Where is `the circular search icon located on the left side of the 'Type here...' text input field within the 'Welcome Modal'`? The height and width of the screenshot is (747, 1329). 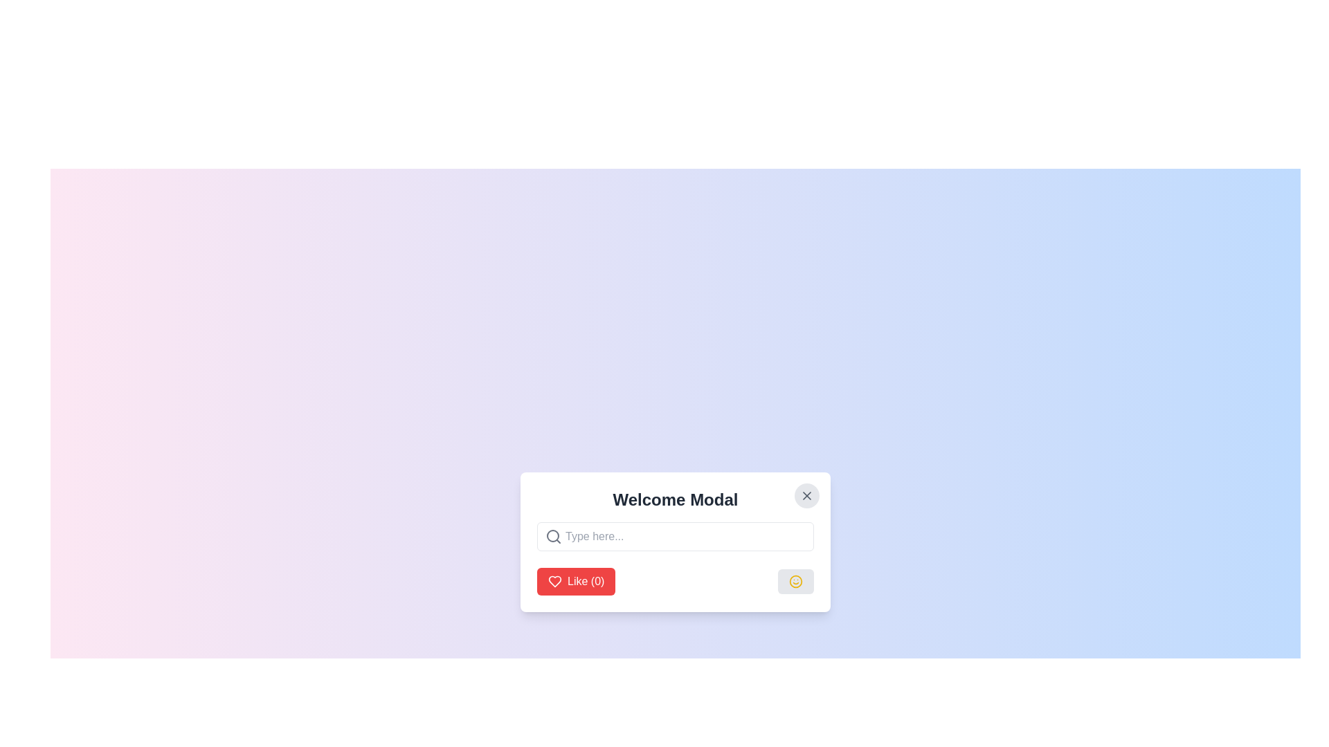 the circular search icon located on the left side of the 'Type here...' text input field within the 'Welcome Modal' is located at coordinates (552, 535).